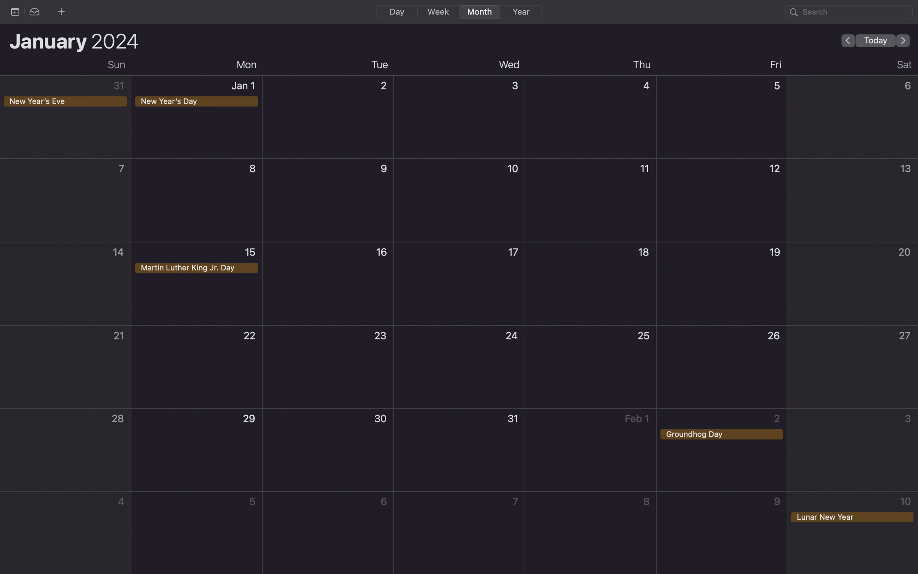 The image size is (918, 574). What do you see at coordinates (478, 11) in the screenshot?
I see `Transition to the monthly outline on your calendar` at bounding box center [478, 11].